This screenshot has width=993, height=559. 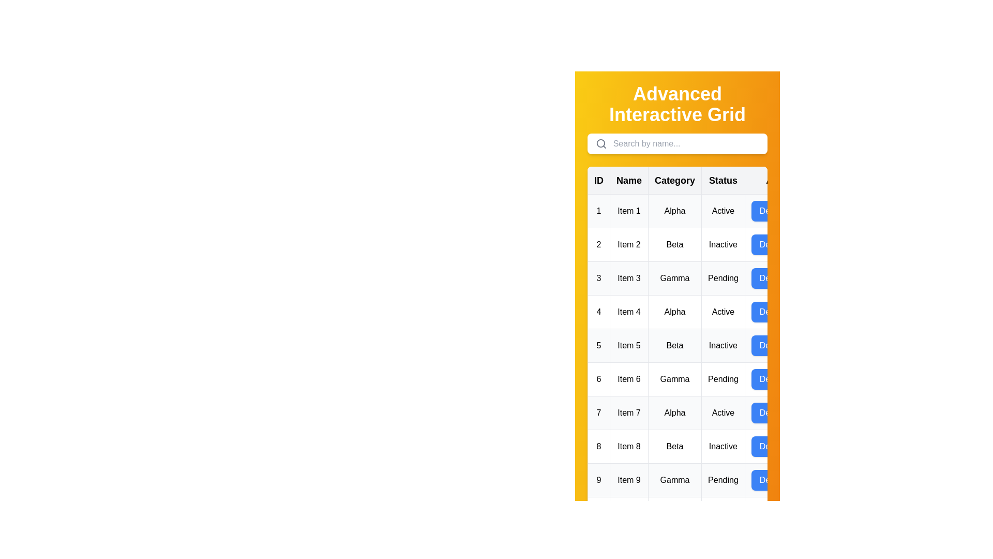 What do you see at coordinates (675, 180) in the screenshot?
I see `the column header Category to sort the data` at bounding box center [675, 180].